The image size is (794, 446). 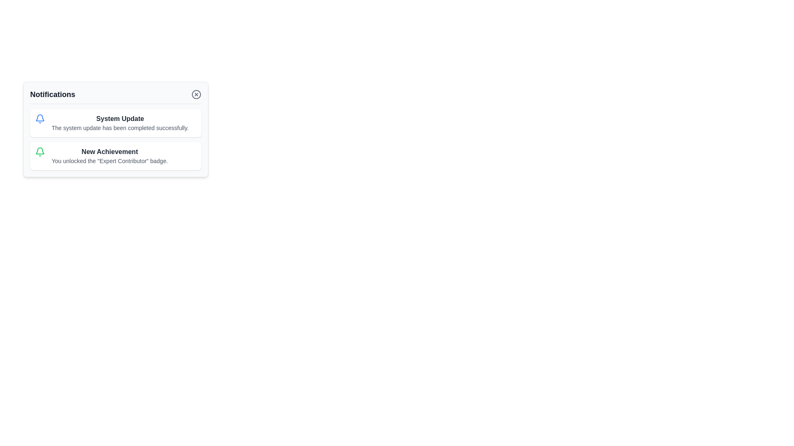 What do you see at coordinates (115, 156) in the screenshot?
I see `the second notification card in the Notifications section, which has a white background, a green bell icon, and contains the title 'New Achievement'` at bounding box center [115, 156].